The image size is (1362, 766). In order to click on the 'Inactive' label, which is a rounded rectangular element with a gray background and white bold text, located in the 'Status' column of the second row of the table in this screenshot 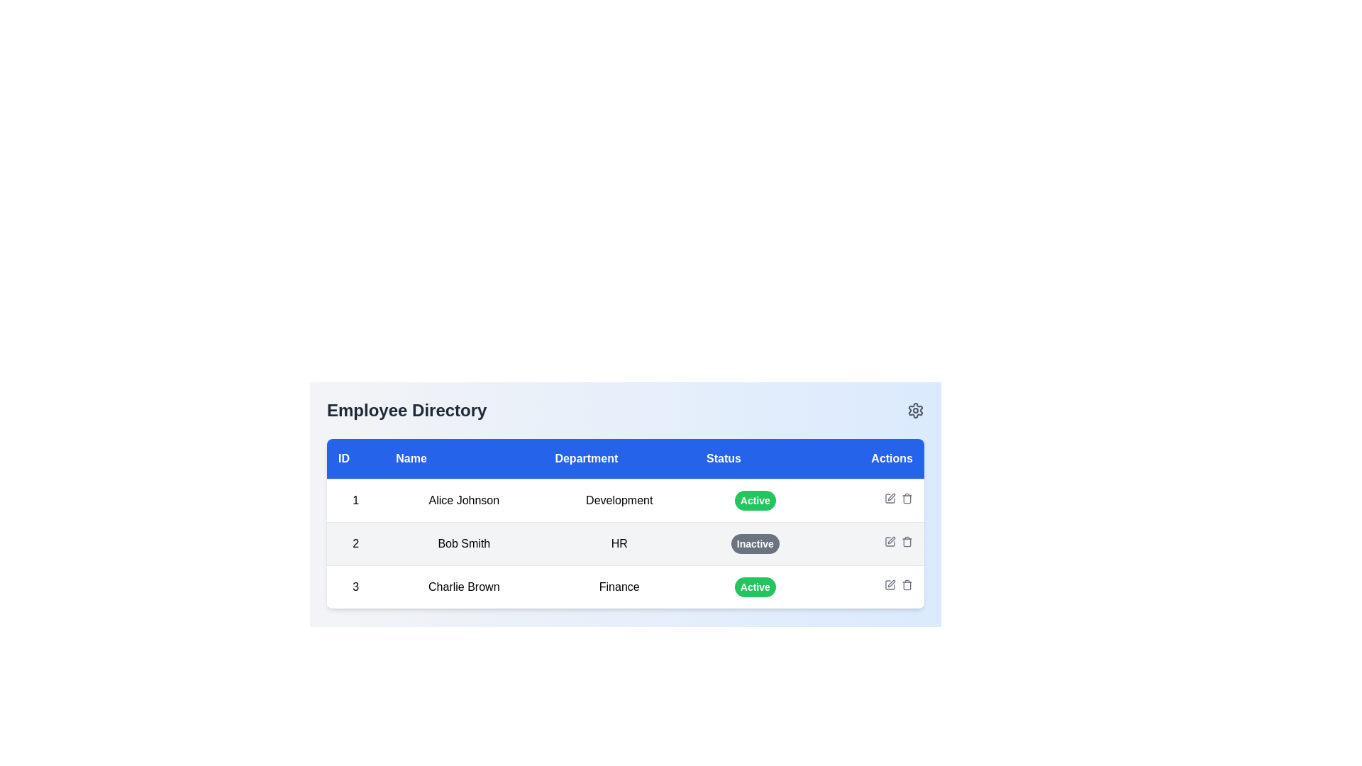, I will do `click(754, 543)`.